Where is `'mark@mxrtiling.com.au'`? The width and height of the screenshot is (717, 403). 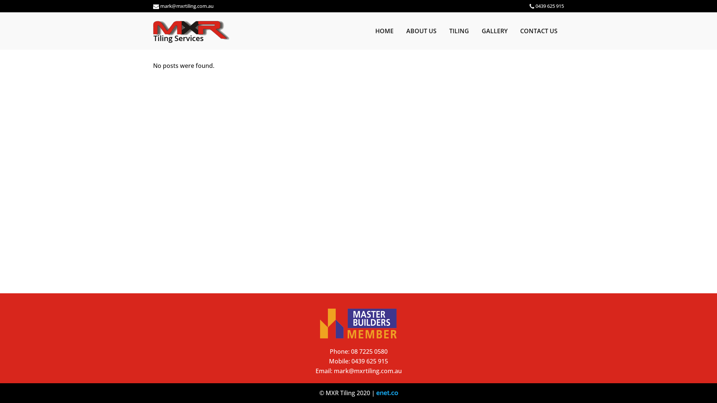 'mark@mxrtiling.com.au' is located at coordinates (367, 371).